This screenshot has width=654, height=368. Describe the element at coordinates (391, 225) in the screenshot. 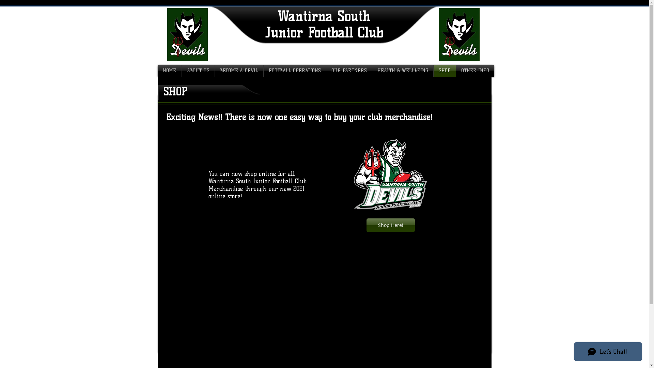

I see `'Shop Here!'` at that location.